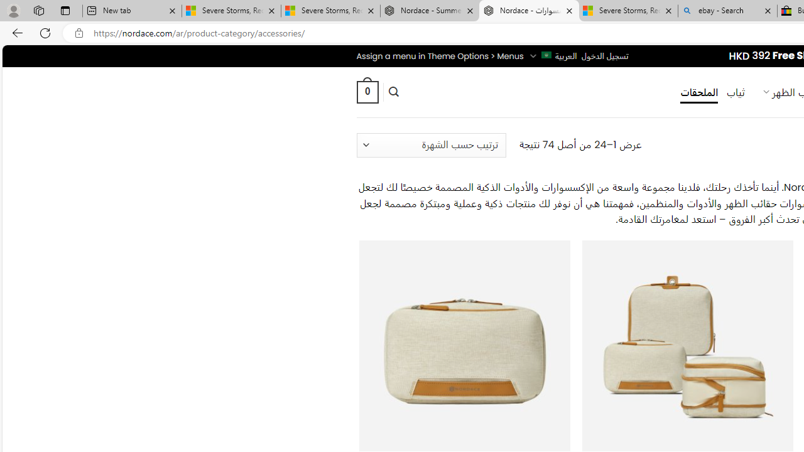  I want to click on 'View site information', so click(79, 33).